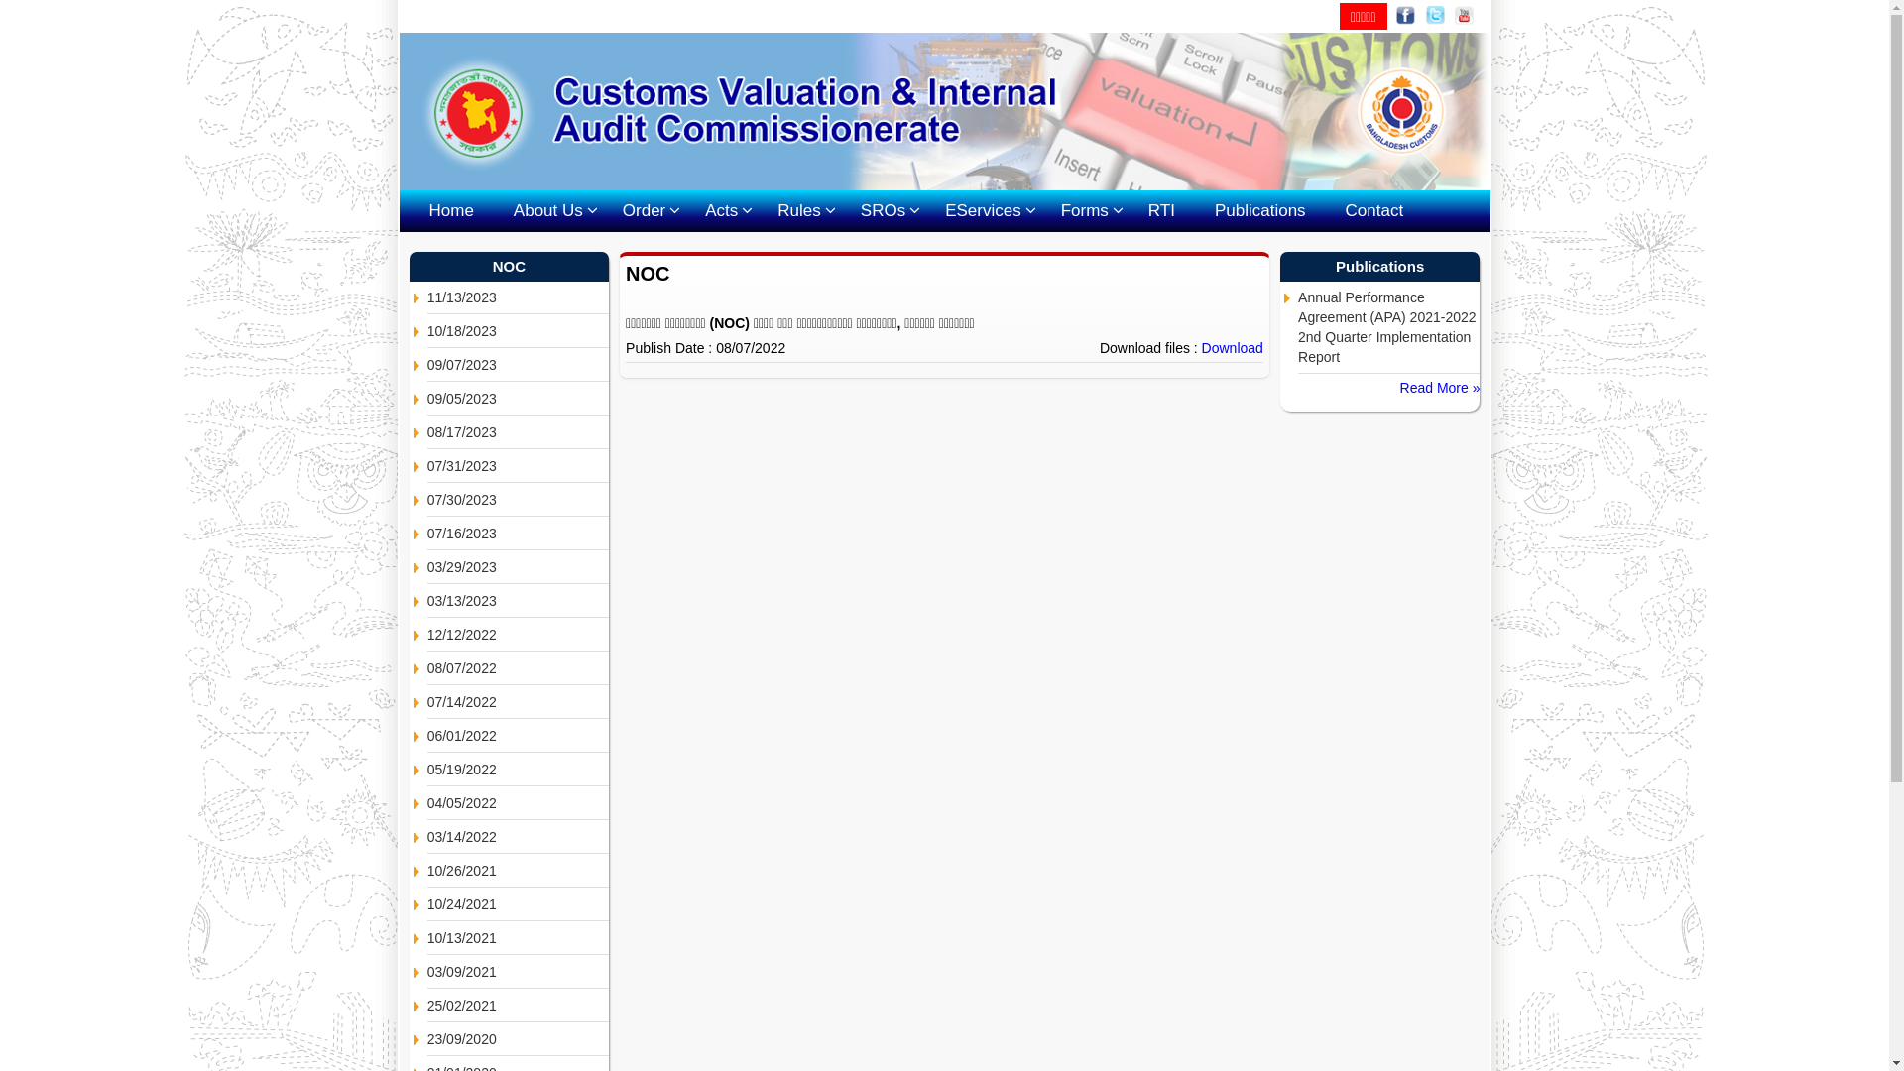 The image size is (1904, 1071). I want to click on '05/19/2022', so click(518, 769).